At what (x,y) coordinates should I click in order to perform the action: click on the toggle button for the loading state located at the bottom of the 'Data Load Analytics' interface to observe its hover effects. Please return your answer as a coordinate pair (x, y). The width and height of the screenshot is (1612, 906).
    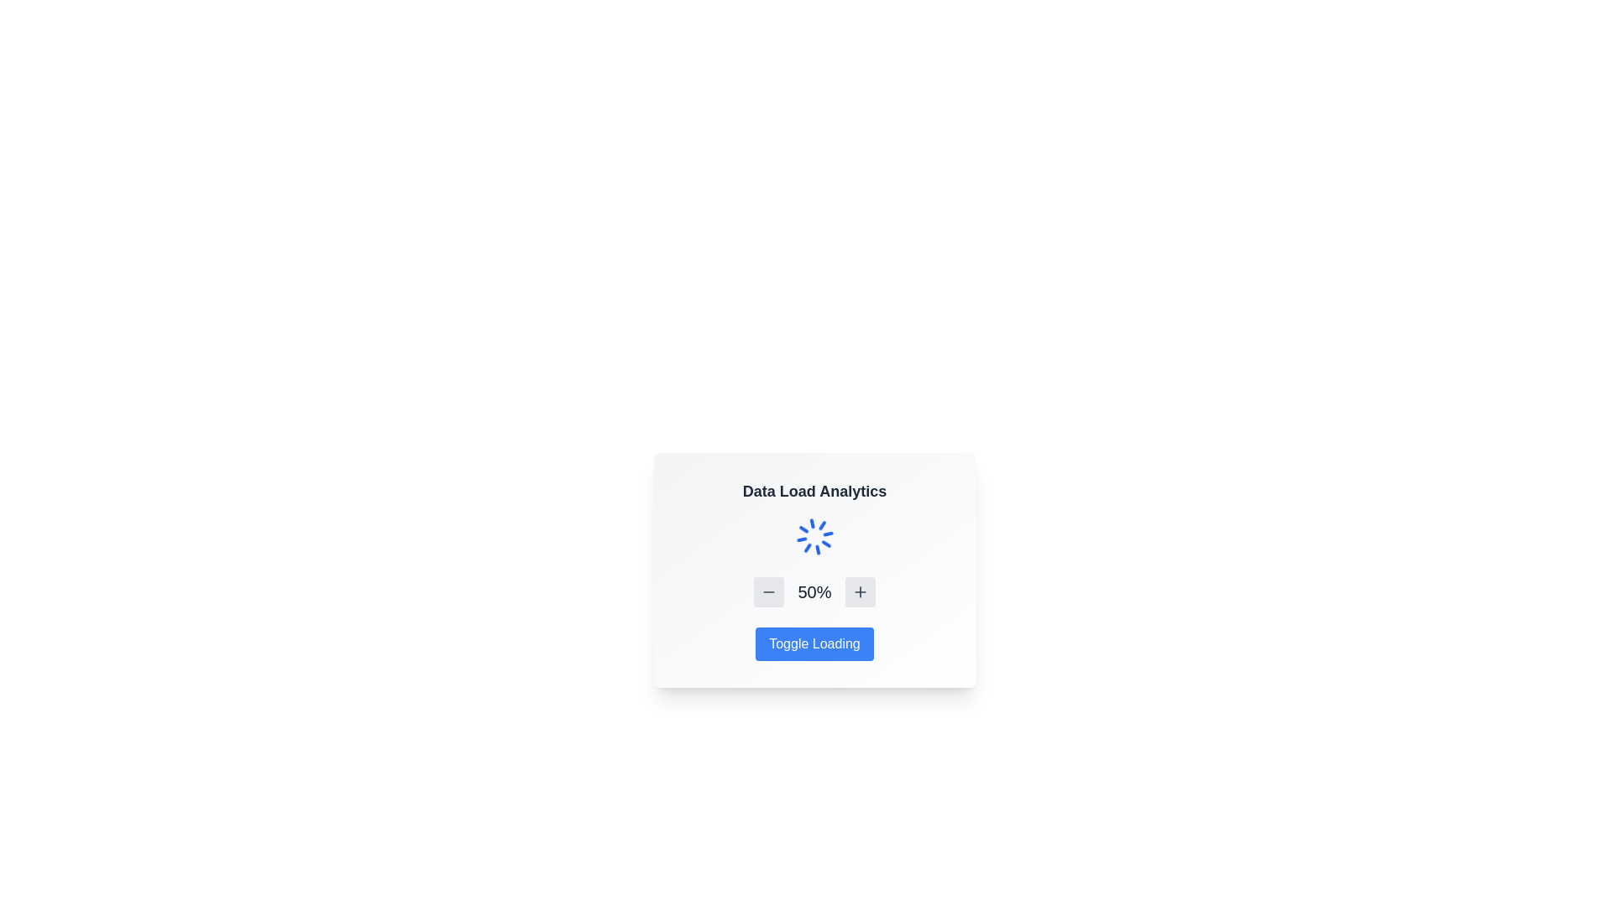
    Looking at the image, I should click on (814, 643).